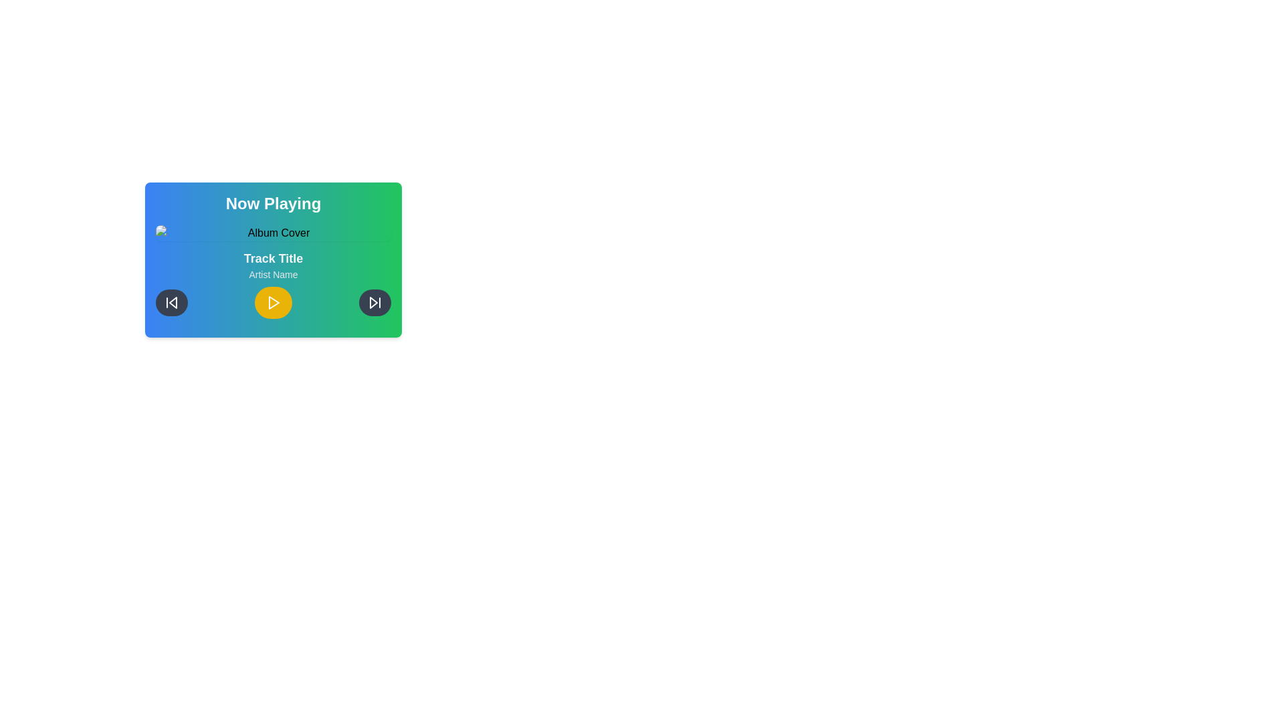  Describe the element at coordinates (272, 274) in the screenshot. I see `the Text Label displaying 'Artist Name', which is styled in small gray font and positioned below the 'Track Title' within a player interface` at that location.